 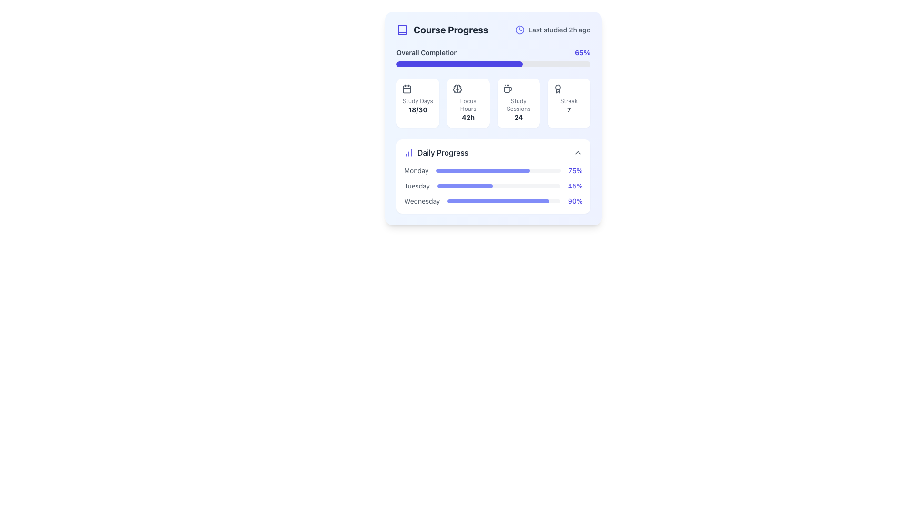 I want to click on the text label displaying 'Daily Progress' located next to the chart icon in the 'Course Progress' section of the progress tracking dashboard, so click(x=442, y=152).